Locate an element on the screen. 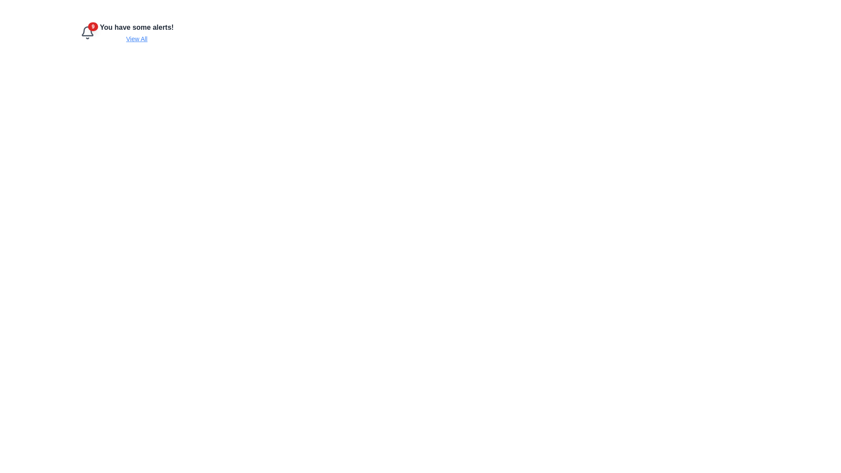  the notification bell icon with a red badge displaying '9' is located at coordinates (88, 32).